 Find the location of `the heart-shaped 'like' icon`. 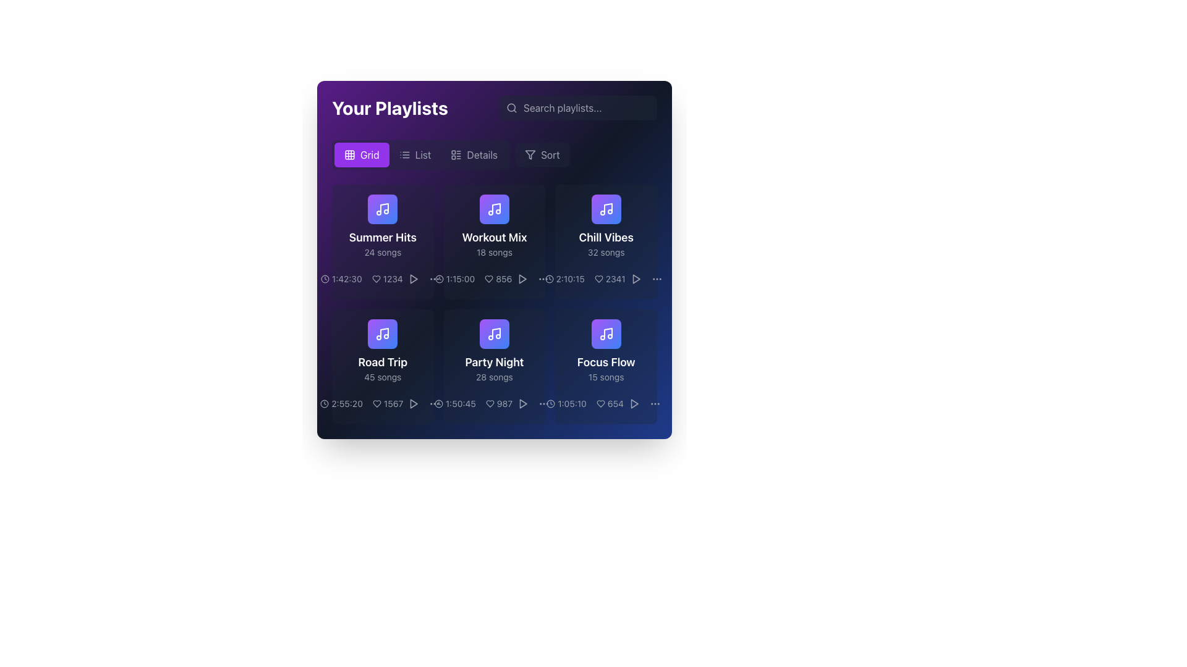

the heart-shaped 'like' icon is located at coordinates (376, 404).